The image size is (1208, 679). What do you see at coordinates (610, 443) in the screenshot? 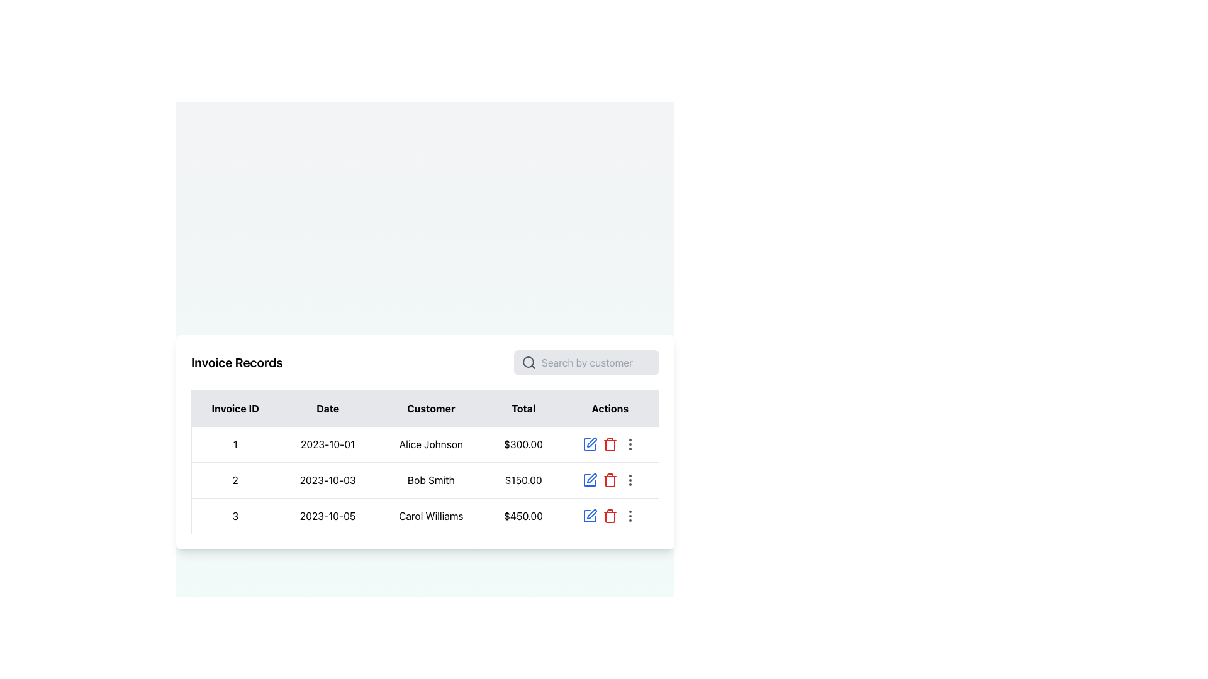
I see `the delete icon button in the Actions column of the first row` at bounding box center [610, 443].